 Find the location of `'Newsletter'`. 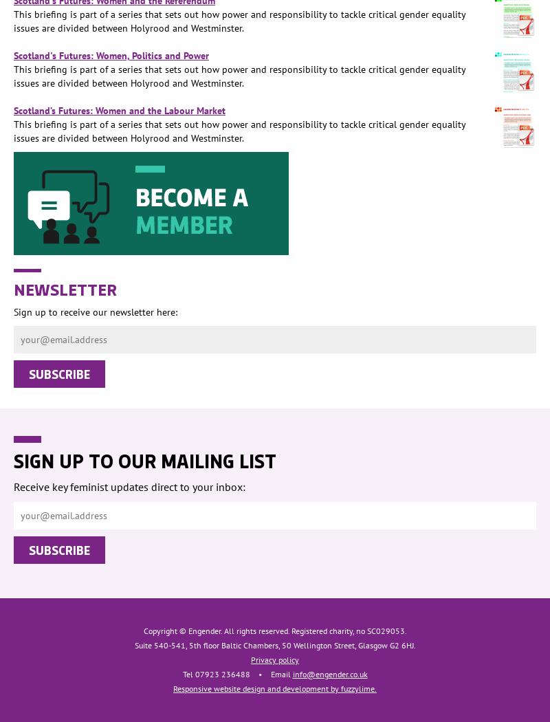

'Newsletter' is located at coordinates (65, 288).